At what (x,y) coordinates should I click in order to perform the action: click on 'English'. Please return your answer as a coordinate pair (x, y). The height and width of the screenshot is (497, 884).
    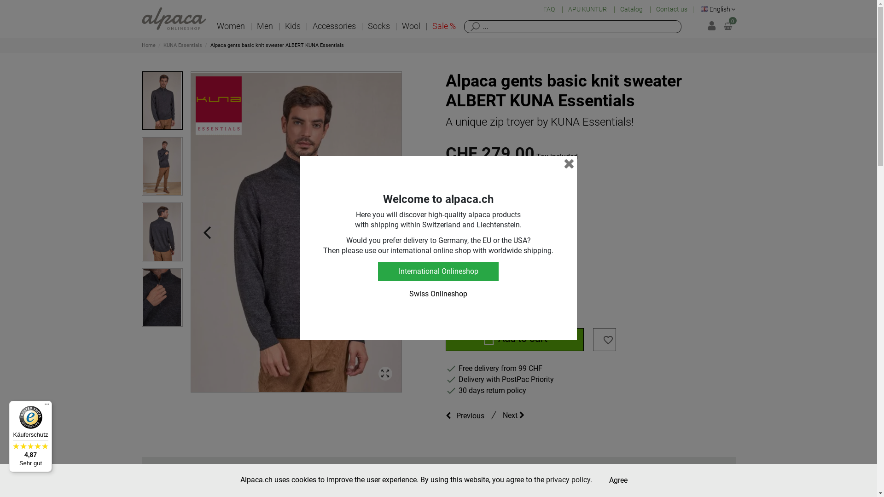
    Looking at the image, I should click on (718, 9).